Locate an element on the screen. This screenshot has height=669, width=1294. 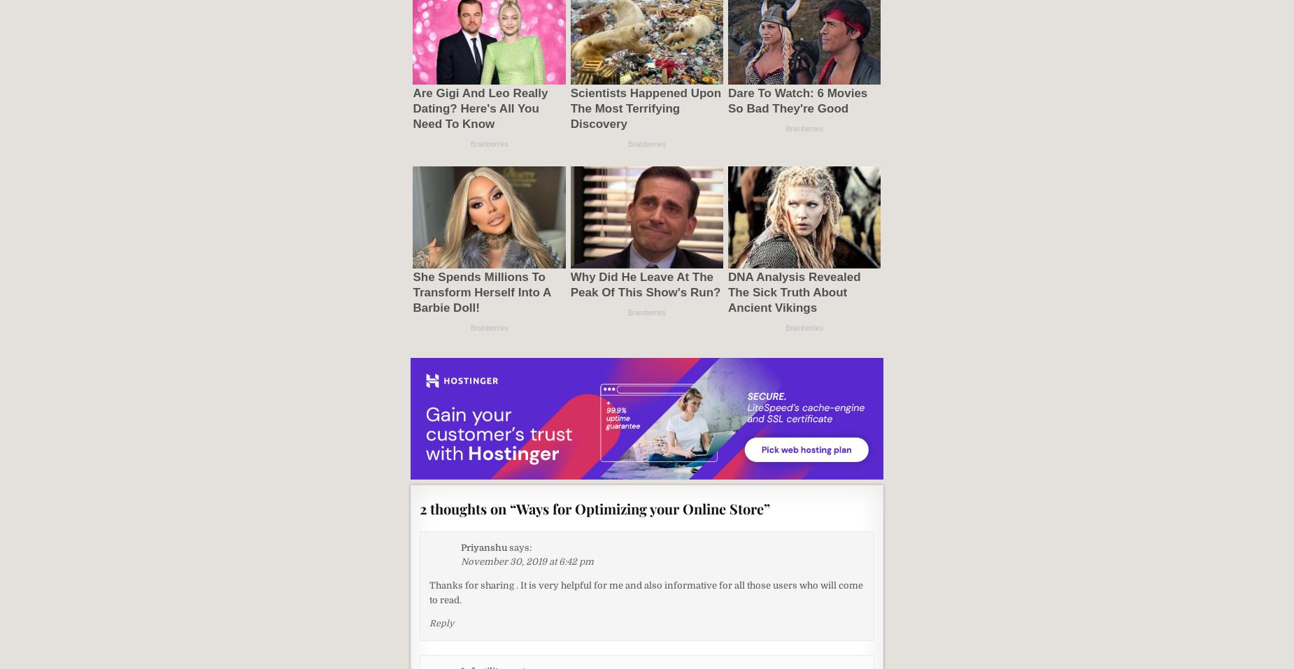
'DNA Analysis Revealed The Sick Truth About Ancient Vikings' is located at coordinates (727, 291).